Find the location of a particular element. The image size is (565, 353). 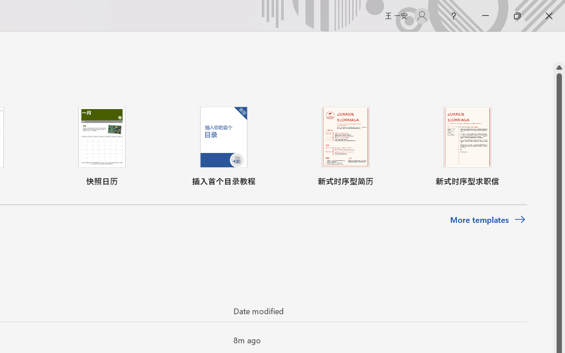

'More templates' is located at coordinates (487, 220).